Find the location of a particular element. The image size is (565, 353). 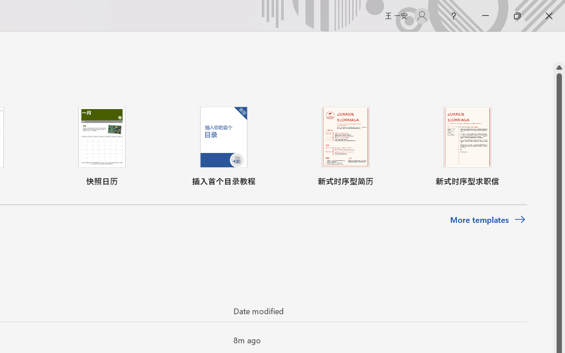

'More templates' is located at coordinates (487, 220).